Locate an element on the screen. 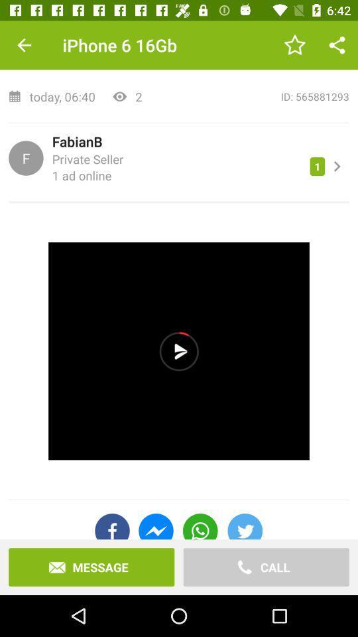  icon next to 2 icon is located at coordinates (250, 96).